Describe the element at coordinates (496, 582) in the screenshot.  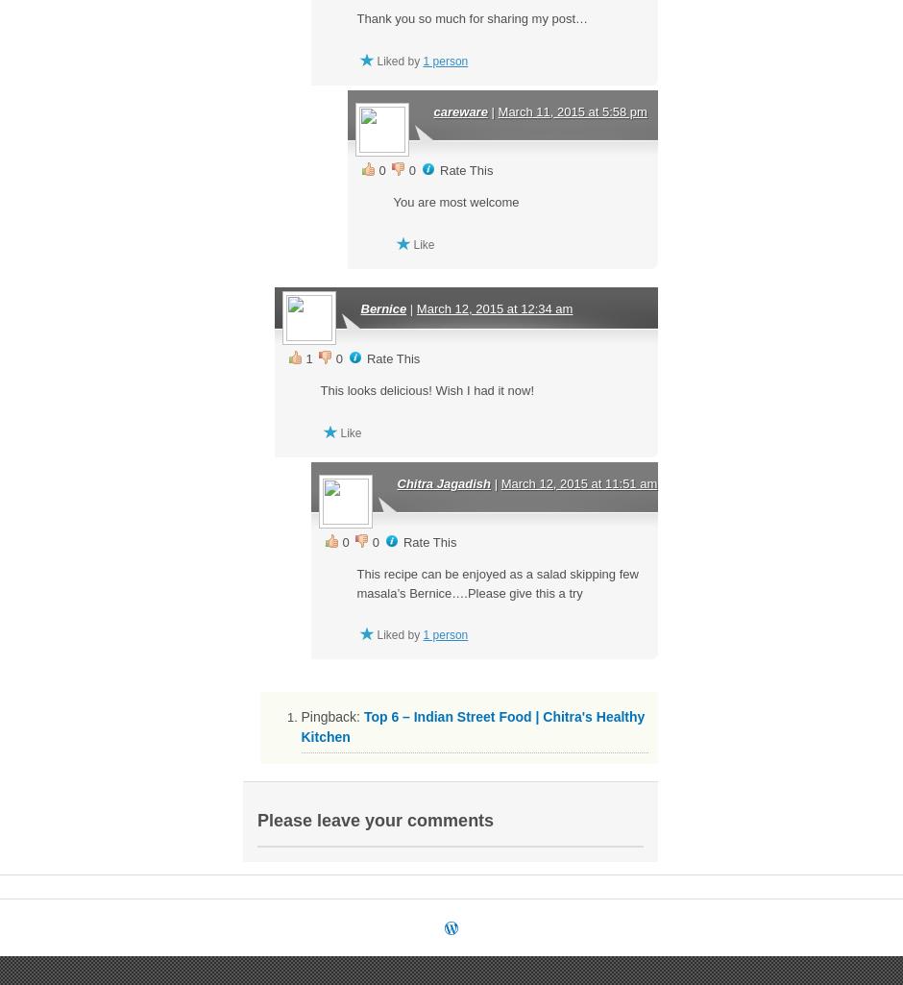
I see `'This recipe can be enjoyed as a salad skipping few masala’s Bernice….Please give this a try'` at that location.